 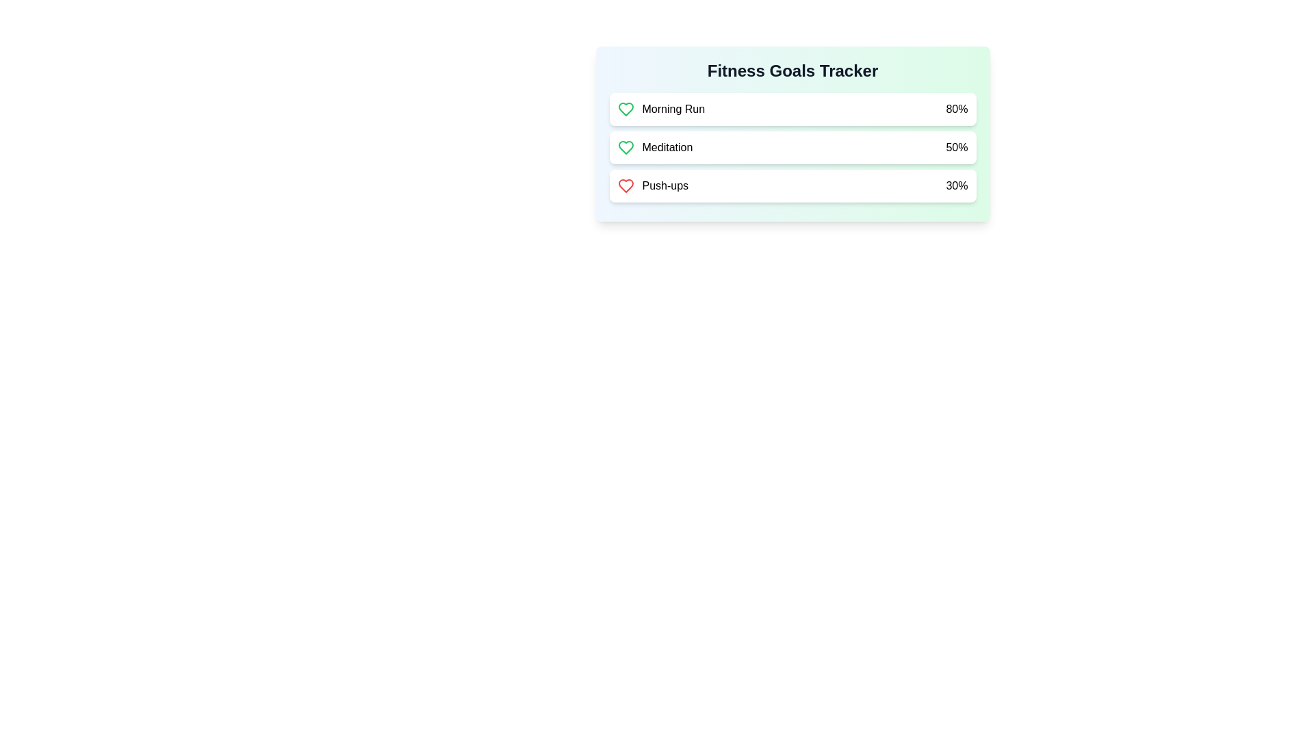 I want to click on the red heart-shaped icon located in the third row of the fitness goals tracker widget, next to the text 'Push-ups', so click(x=625, y=186).